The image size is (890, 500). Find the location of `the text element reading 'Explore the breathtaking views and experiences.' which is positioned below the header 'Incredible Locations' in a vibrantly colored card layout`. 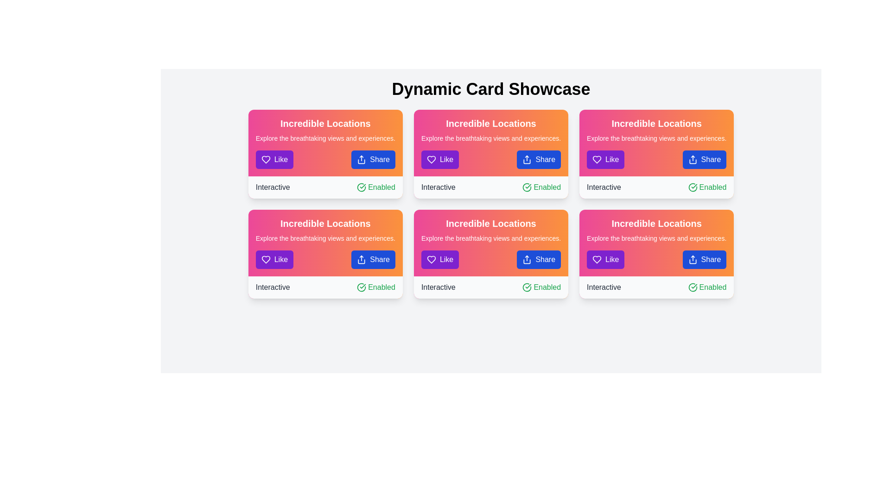

the text element reading 'Explore the breathtaking views and experiences.' which is positioned below the header 'Incredible Locations' in a vibrantly colored card layout is located at coordinates (325, 238).